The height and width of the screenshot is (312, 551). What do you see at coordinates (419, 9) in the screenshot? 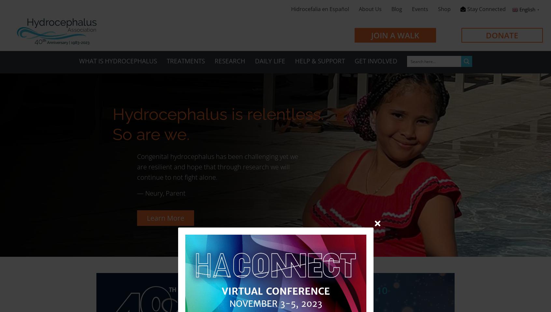
I see `'Events'` at bounding box center [419, 9].